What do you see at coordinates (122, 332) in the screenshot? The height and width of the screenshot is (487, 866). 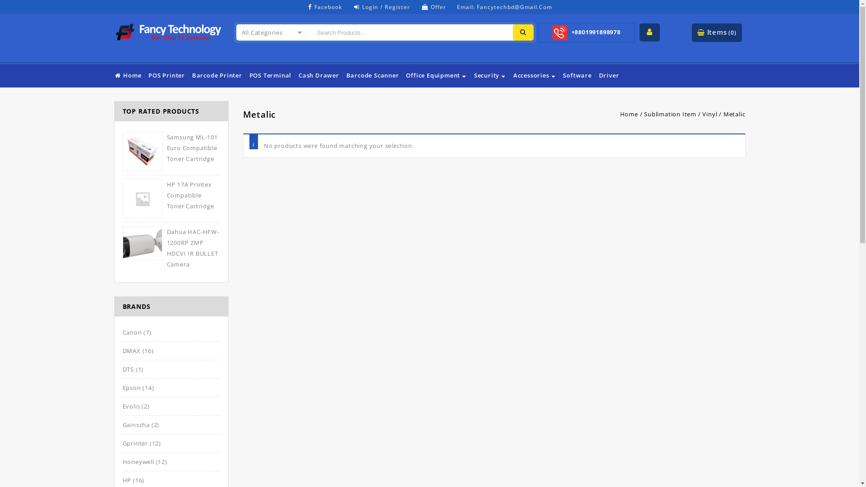 I see `'Canon'` at bounding box center [122, 332].